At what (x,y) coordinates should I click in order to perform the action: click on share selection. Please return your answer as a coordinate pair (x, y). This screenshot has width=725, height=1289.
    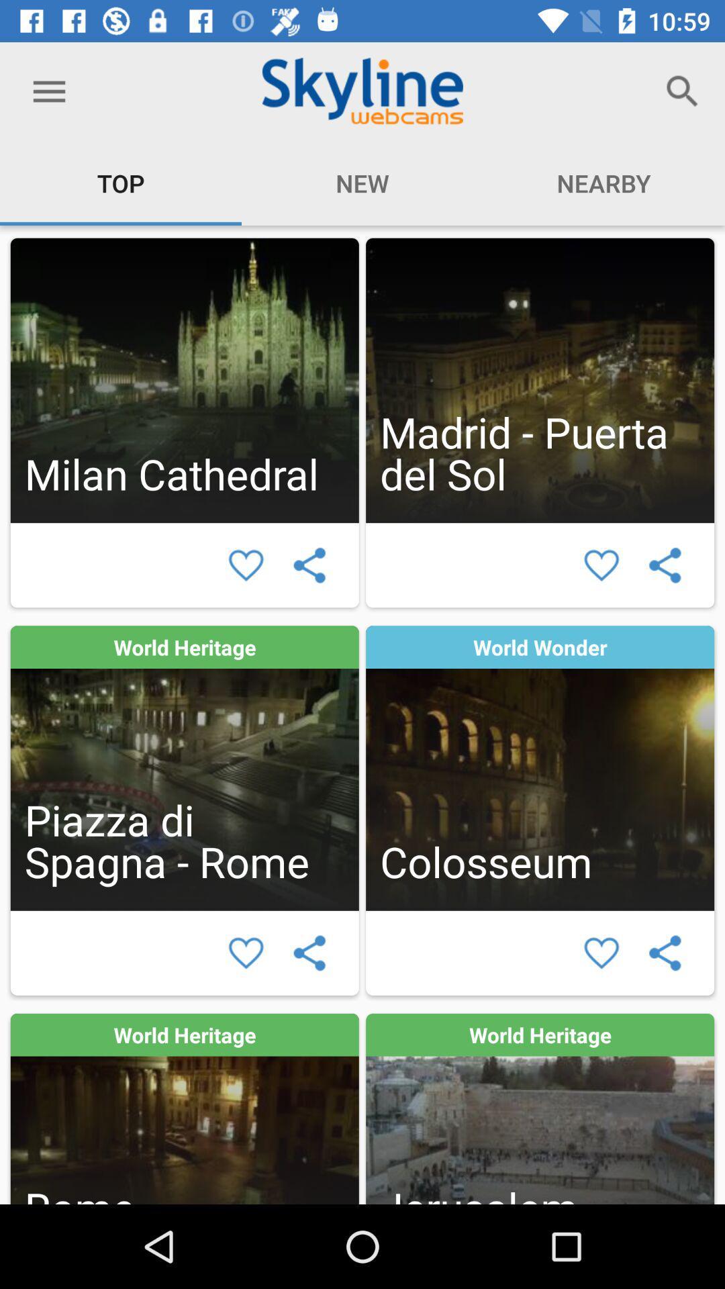
    Looking at the image, I should click on (665, 565).